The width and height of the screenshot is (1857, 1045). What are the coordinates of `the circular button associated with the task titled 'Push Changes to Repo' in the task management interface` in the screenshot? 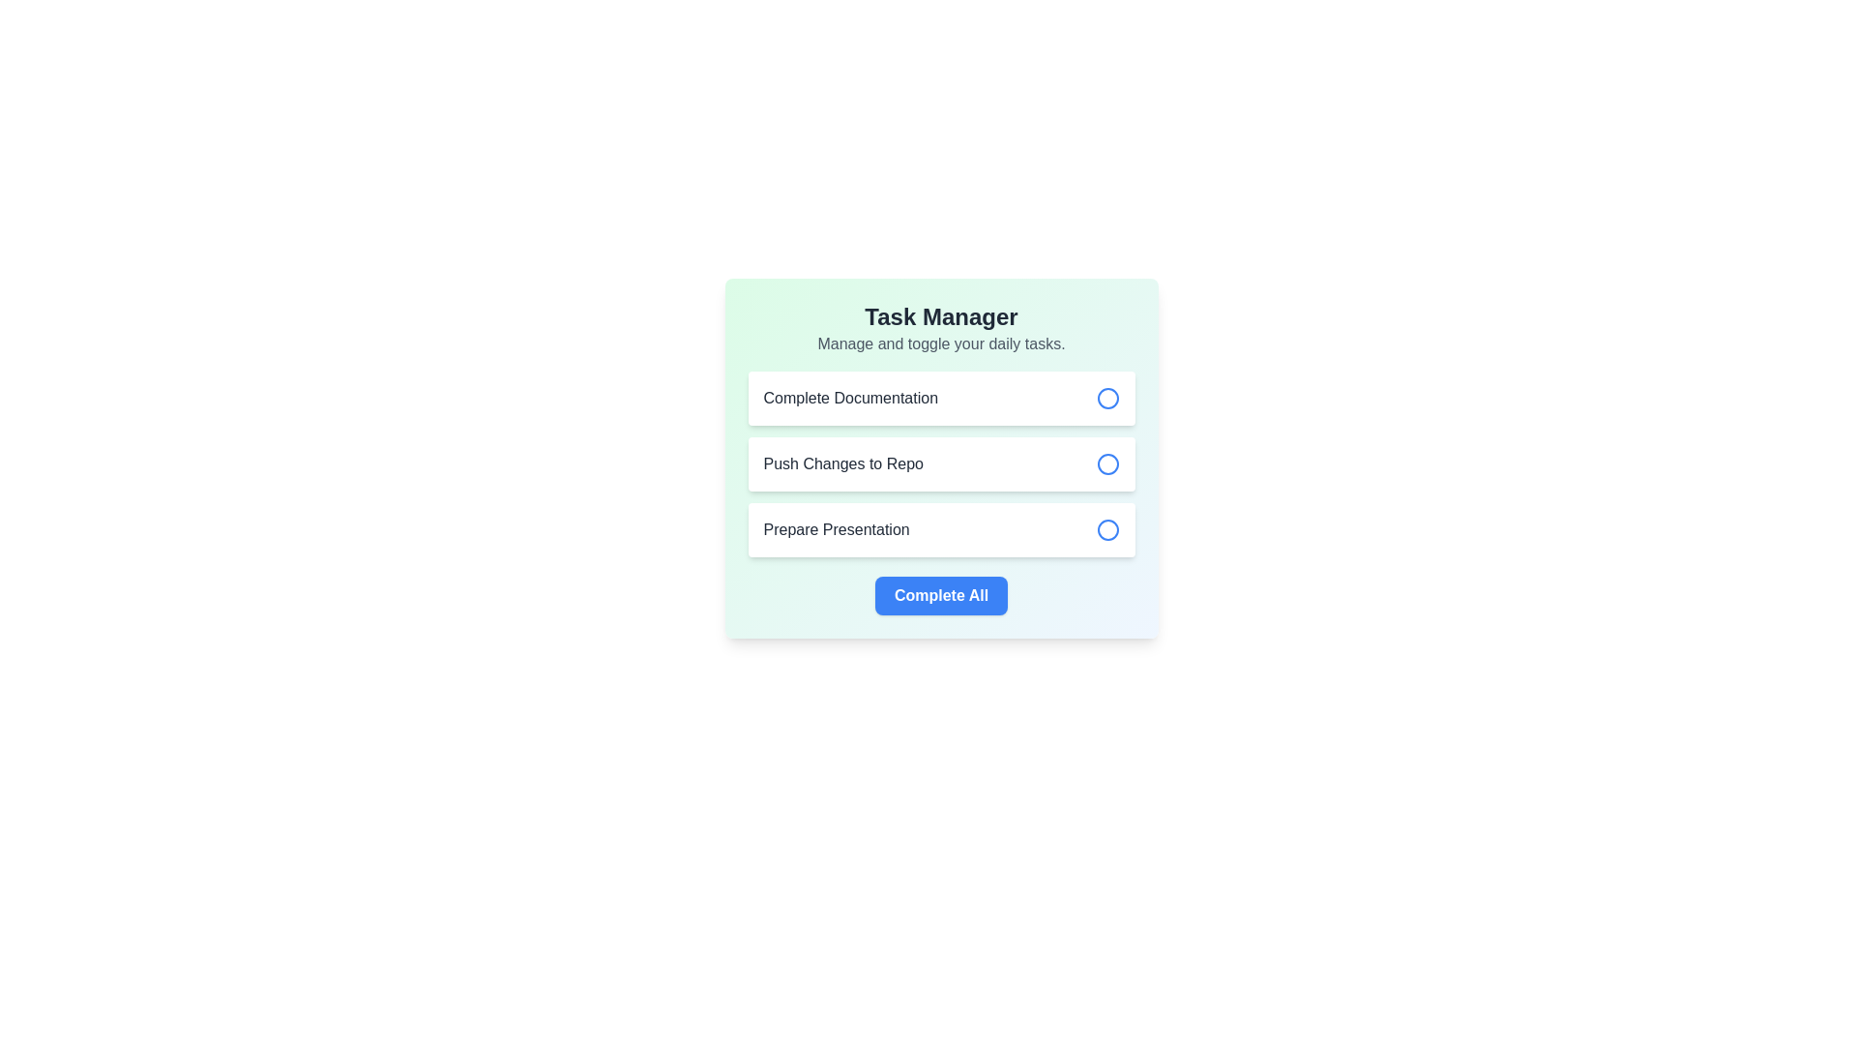 It's located at (941, 463).